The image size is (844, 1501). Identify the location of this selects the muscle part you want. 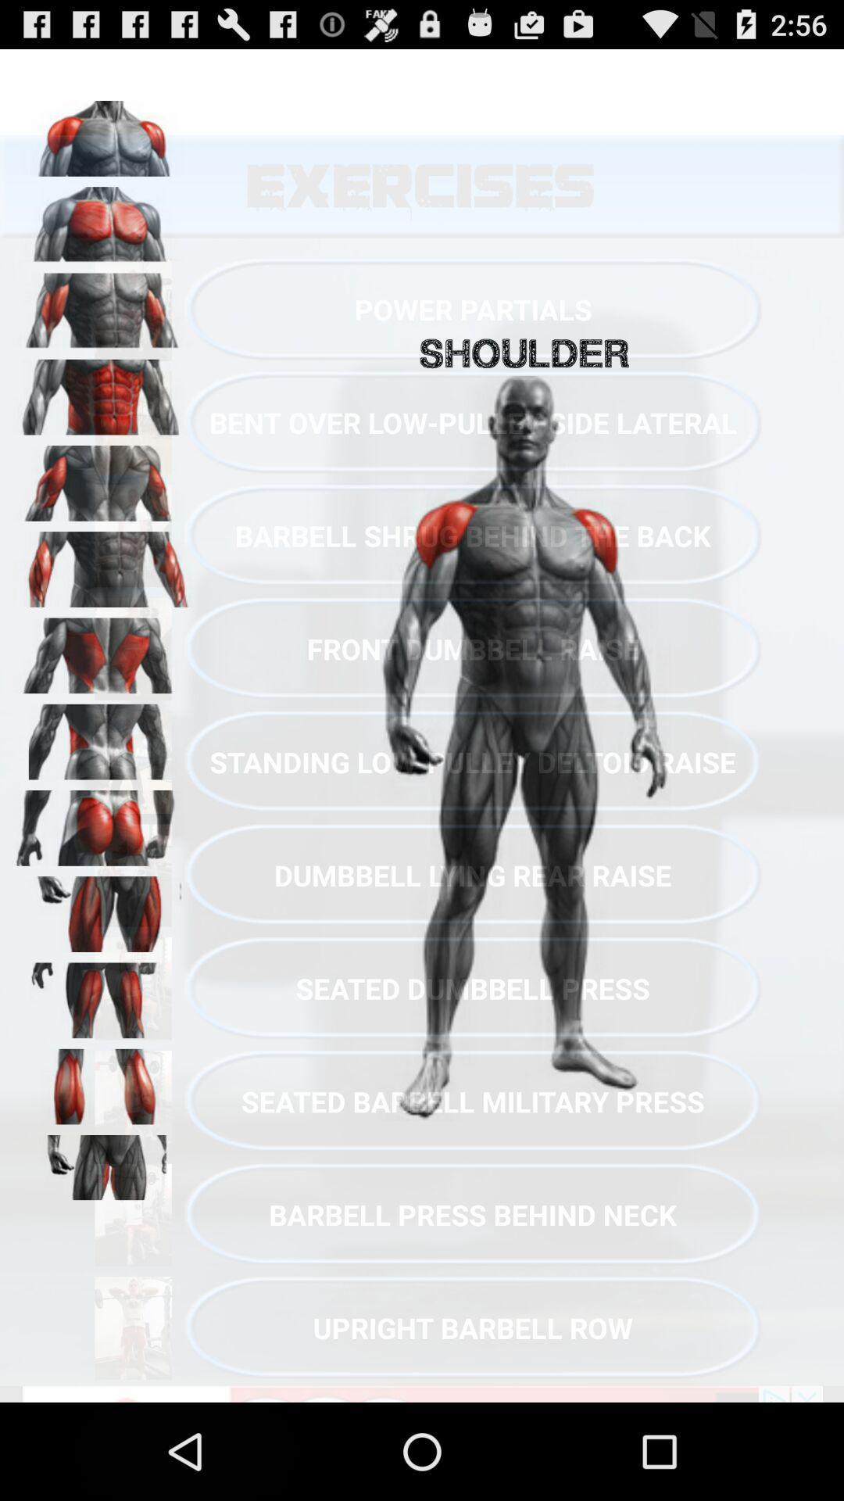
(102, 650).